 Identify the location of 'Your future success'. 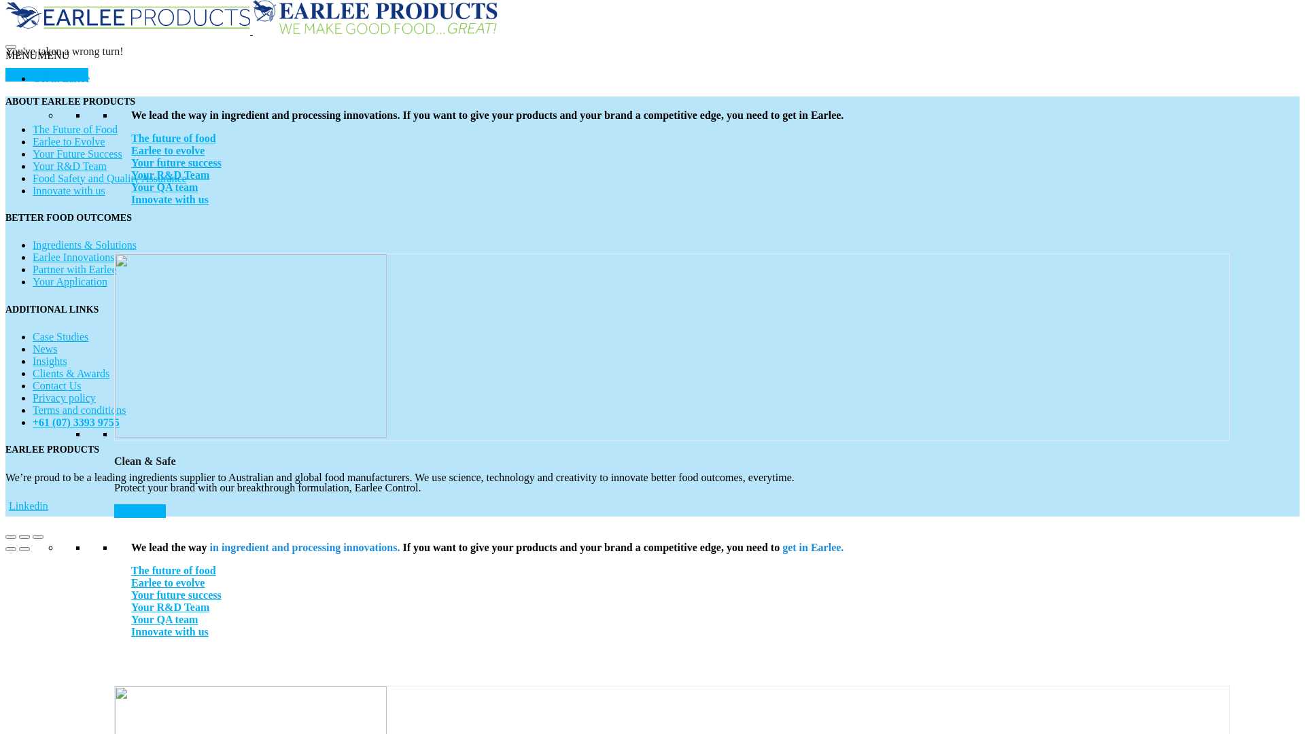
(175, 162).